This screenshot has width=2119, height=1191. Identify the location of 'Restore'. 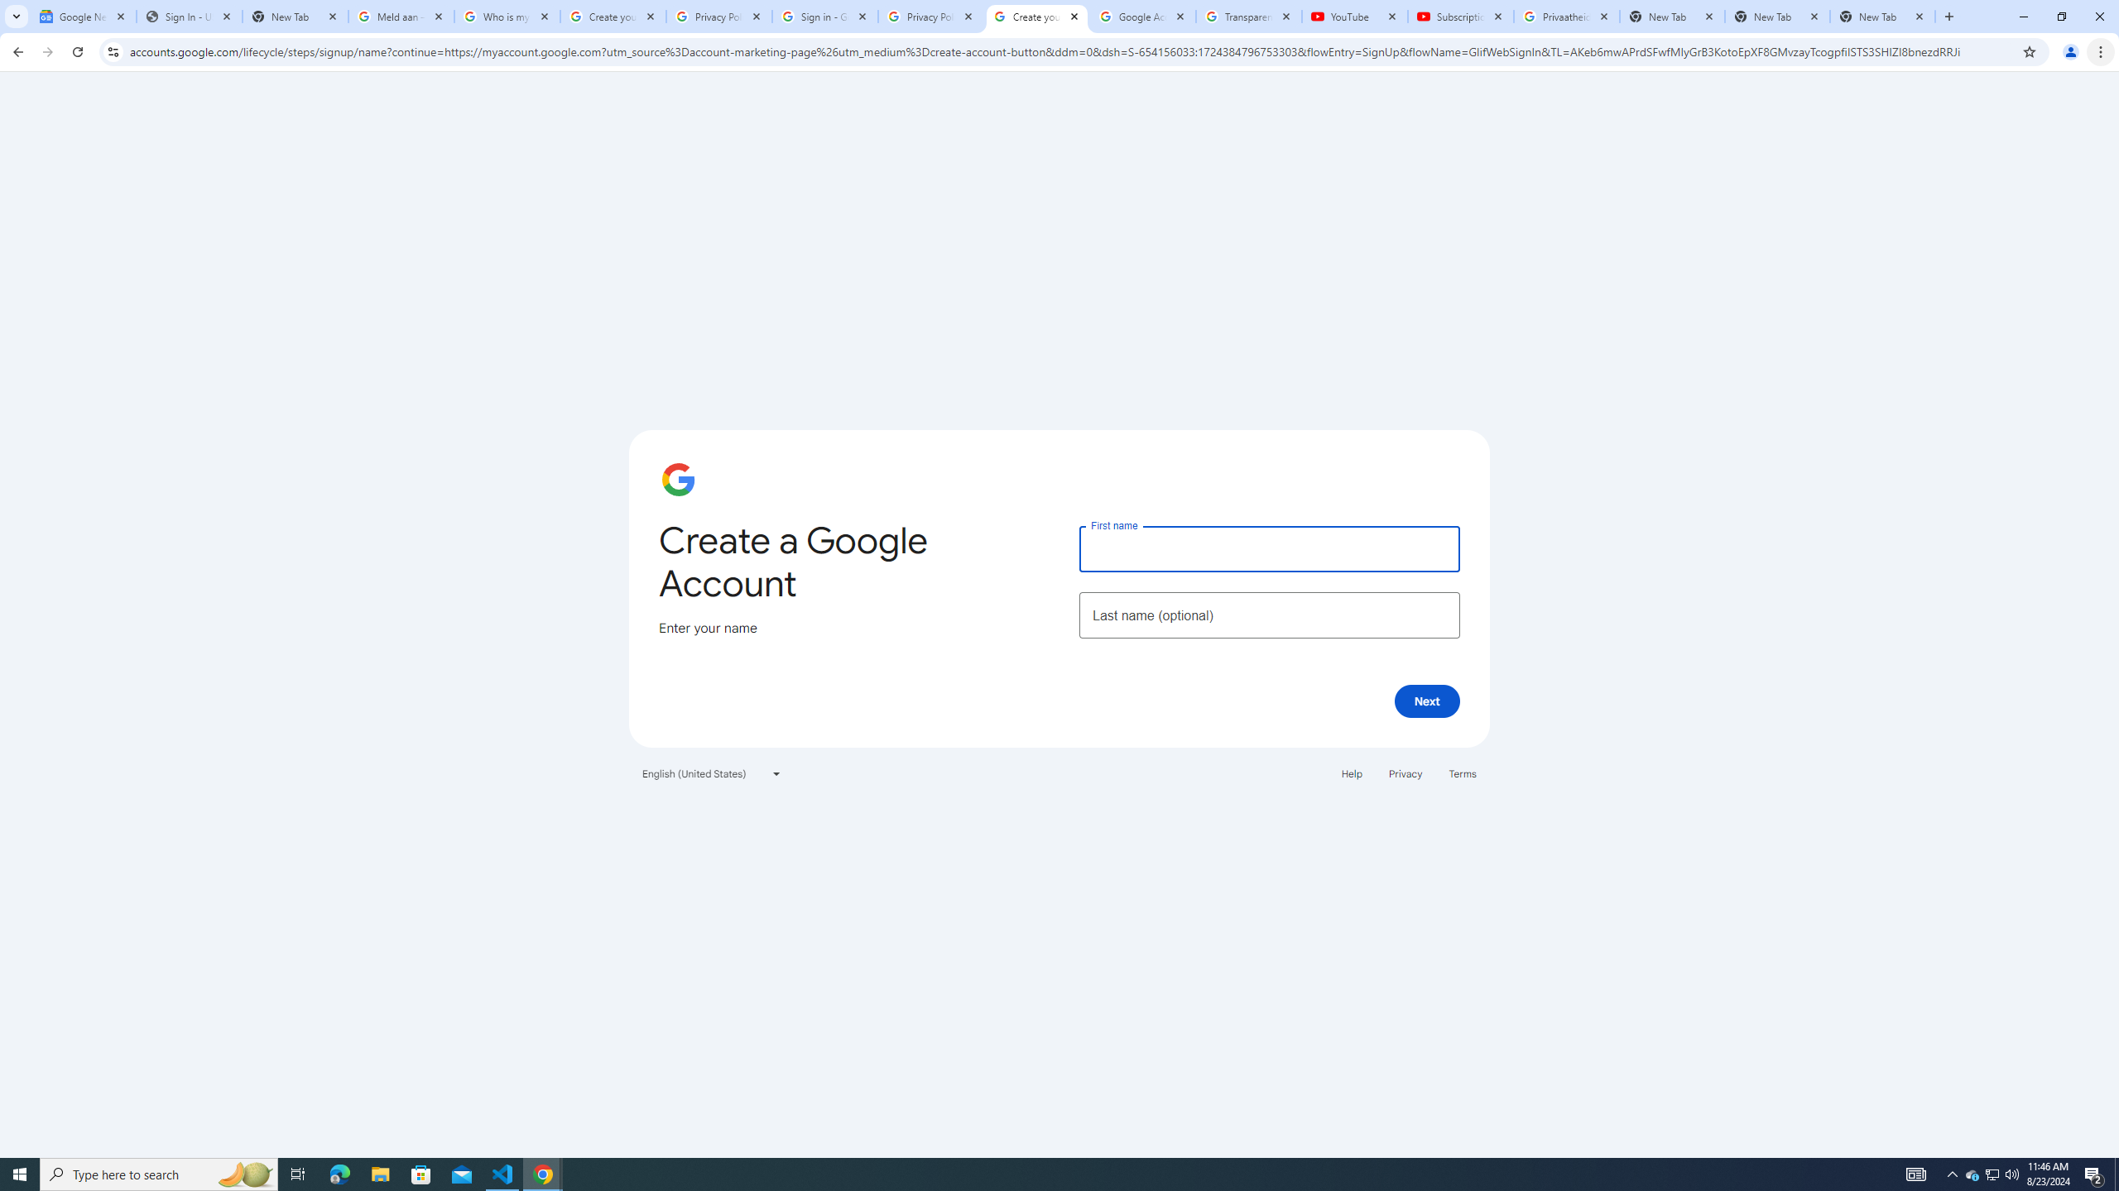
(2061, 16).